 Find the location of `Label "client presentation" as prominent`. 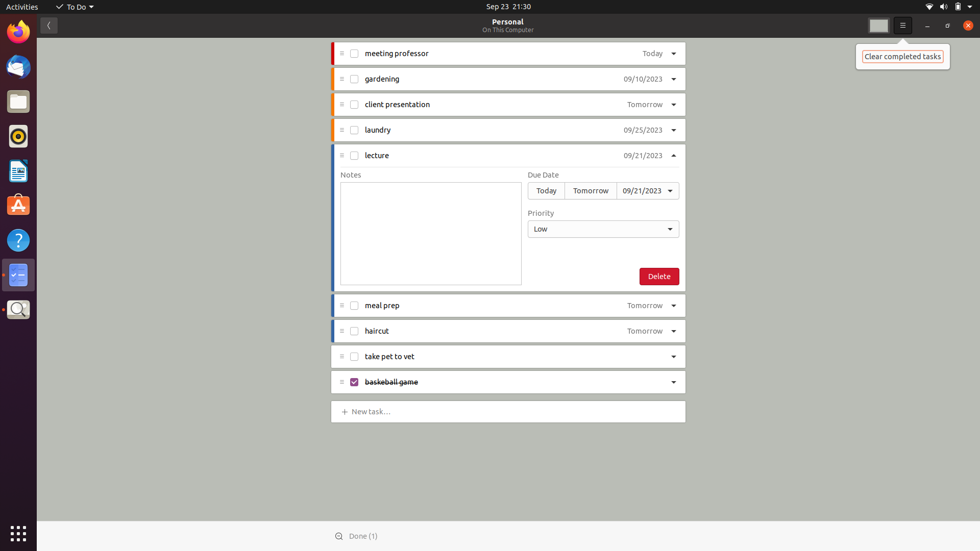

Label "client presentation" as prominent is located at coordinates (674, 105).